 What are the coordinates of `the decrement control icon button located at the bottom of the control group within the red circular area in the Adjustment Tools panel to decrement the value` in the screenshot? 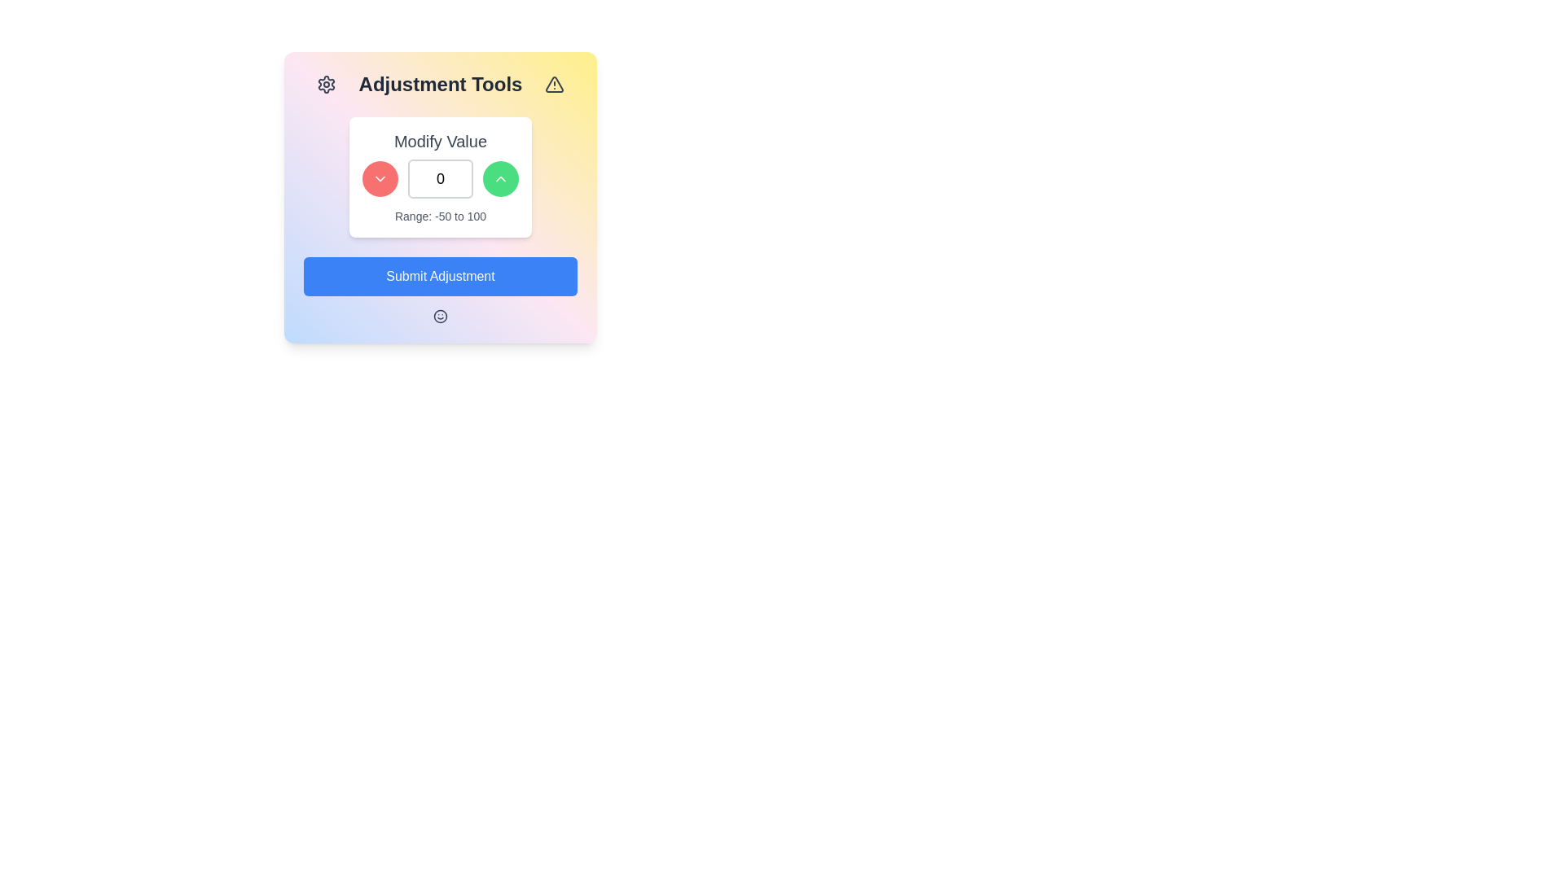 It's located at (379, 178).